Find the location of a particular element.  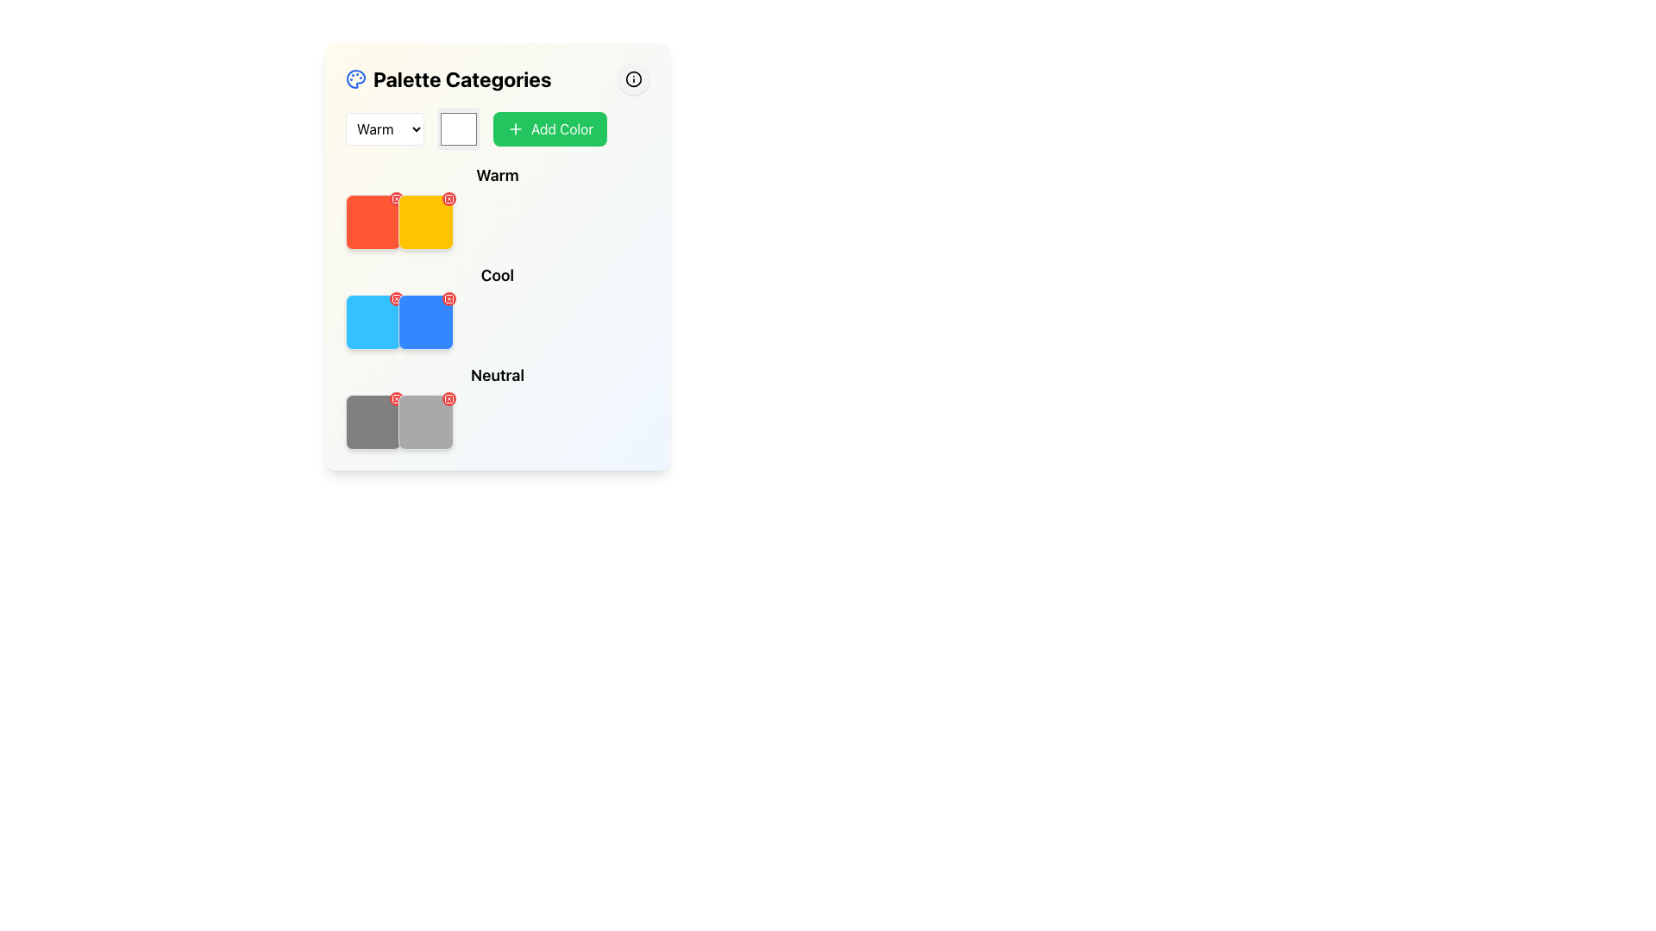

the colored square display element with an interactive close button, which is the second item is located at coordinates (426, 222).